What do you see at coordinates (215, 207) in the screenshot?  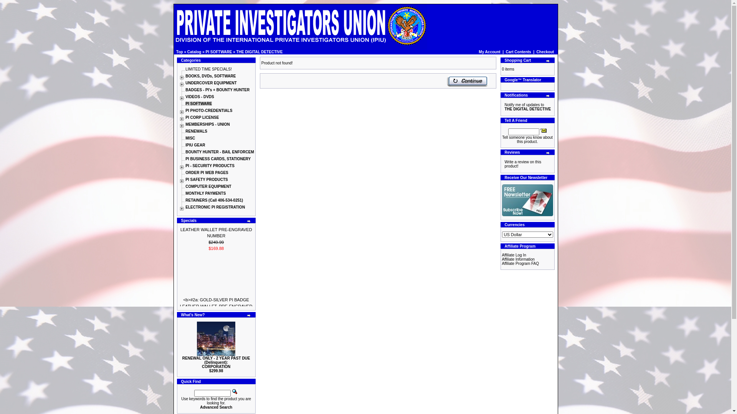 I see `'ELECTRONIC PI REGISTRATION'` at bounding box center [215, 207].